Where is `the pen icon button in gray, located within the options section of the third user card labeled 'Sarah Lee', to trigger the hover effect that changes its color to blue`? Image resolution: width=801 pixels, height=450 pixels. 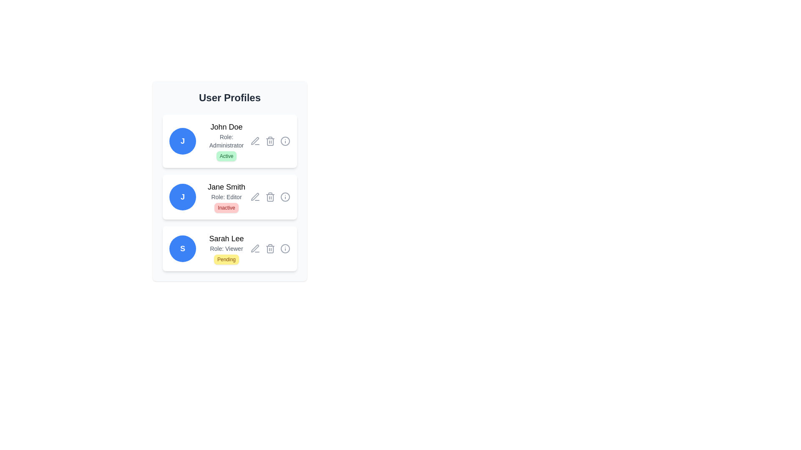
the pen icon button in gray, located within the options section of the third user card labeled 'Sarah Lee', to trigger the hover effect that changes its color to blue is located at coordinates (254, 248).